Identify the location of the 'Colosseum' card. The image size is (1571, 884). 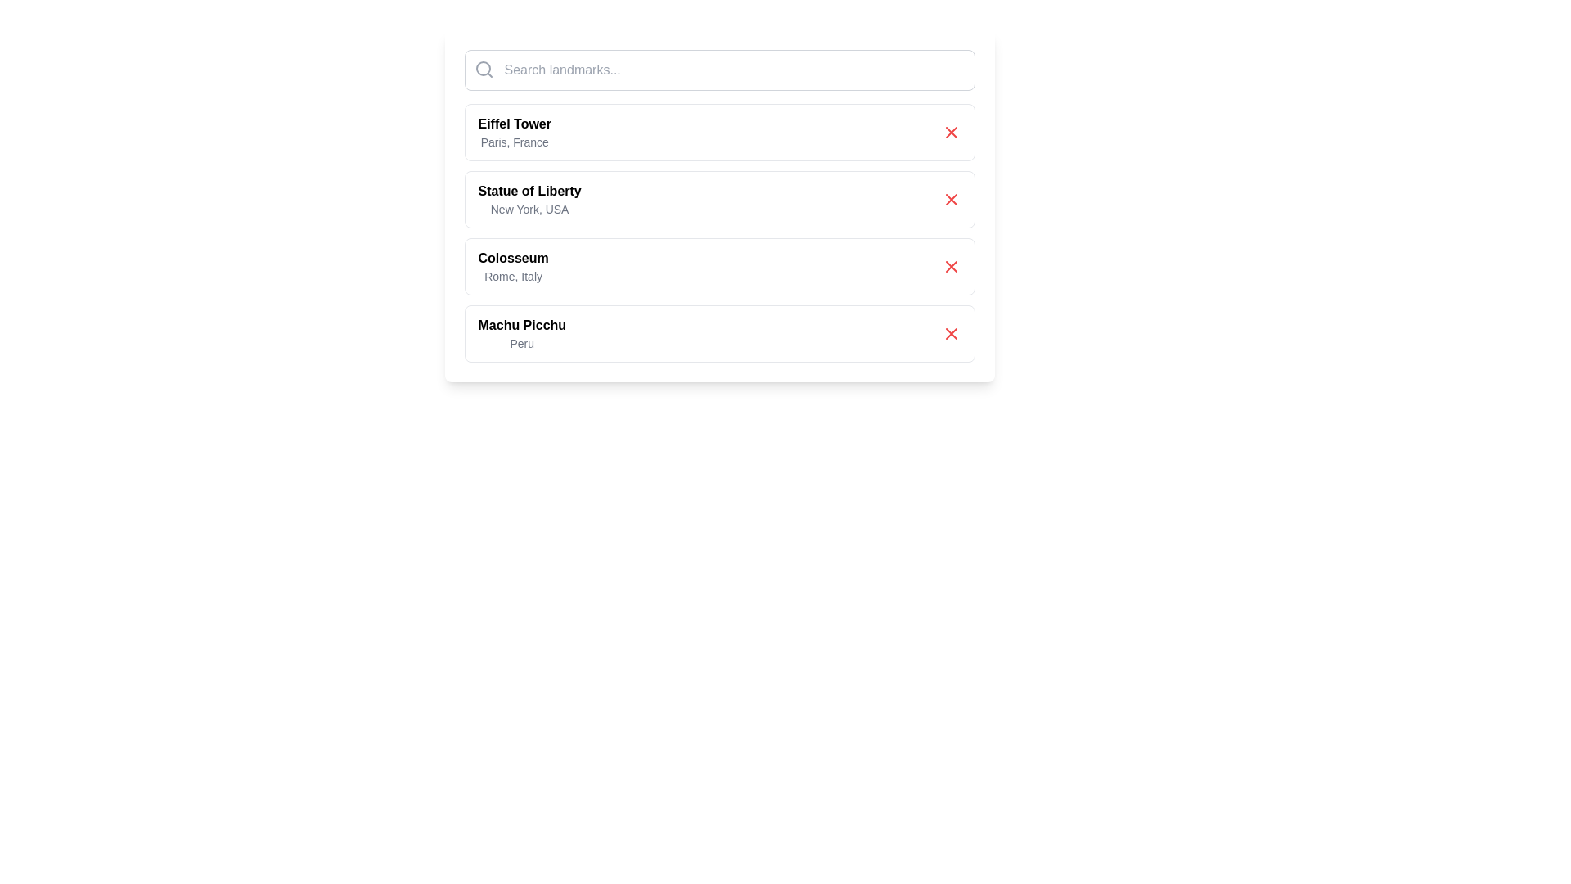
(719, 266).